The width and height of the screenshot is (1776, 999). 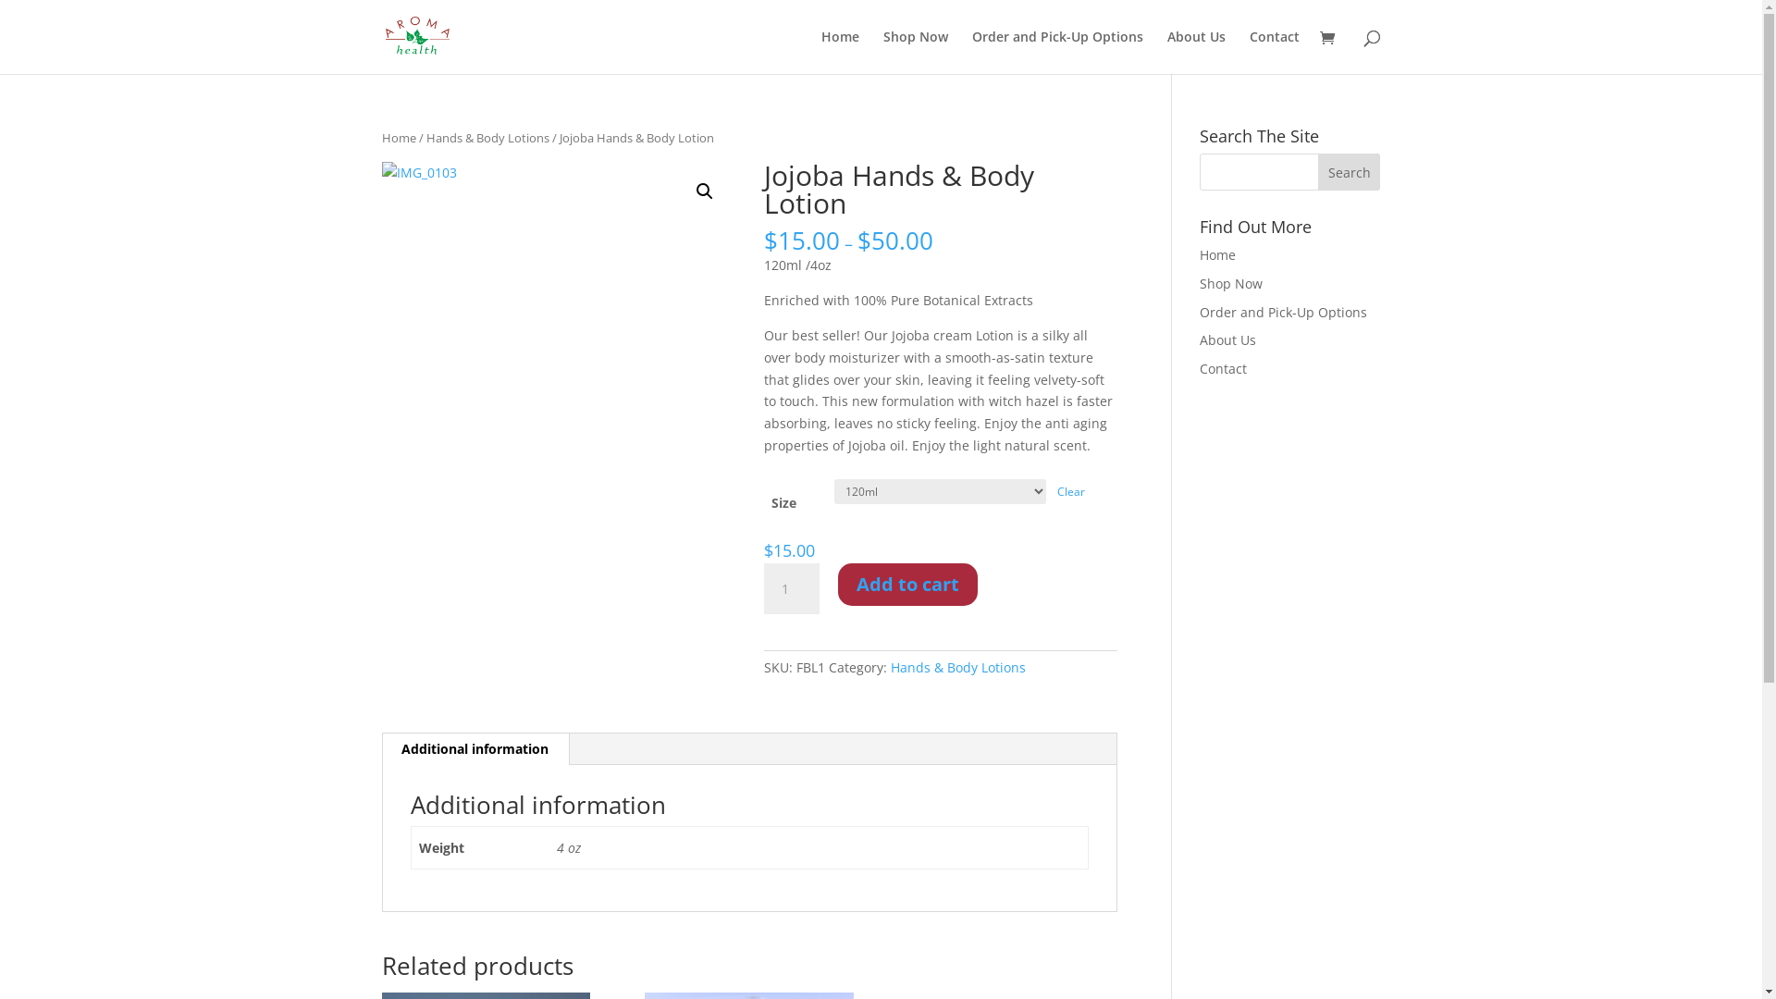 I want to click on 'Hands & Body Lotions', so click(x=487, y=137).